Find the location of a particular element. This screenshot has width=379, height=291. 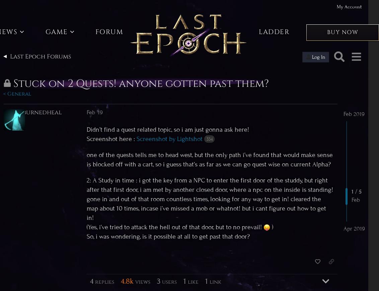

'Buy Now' is located at coordinates (342, 32).